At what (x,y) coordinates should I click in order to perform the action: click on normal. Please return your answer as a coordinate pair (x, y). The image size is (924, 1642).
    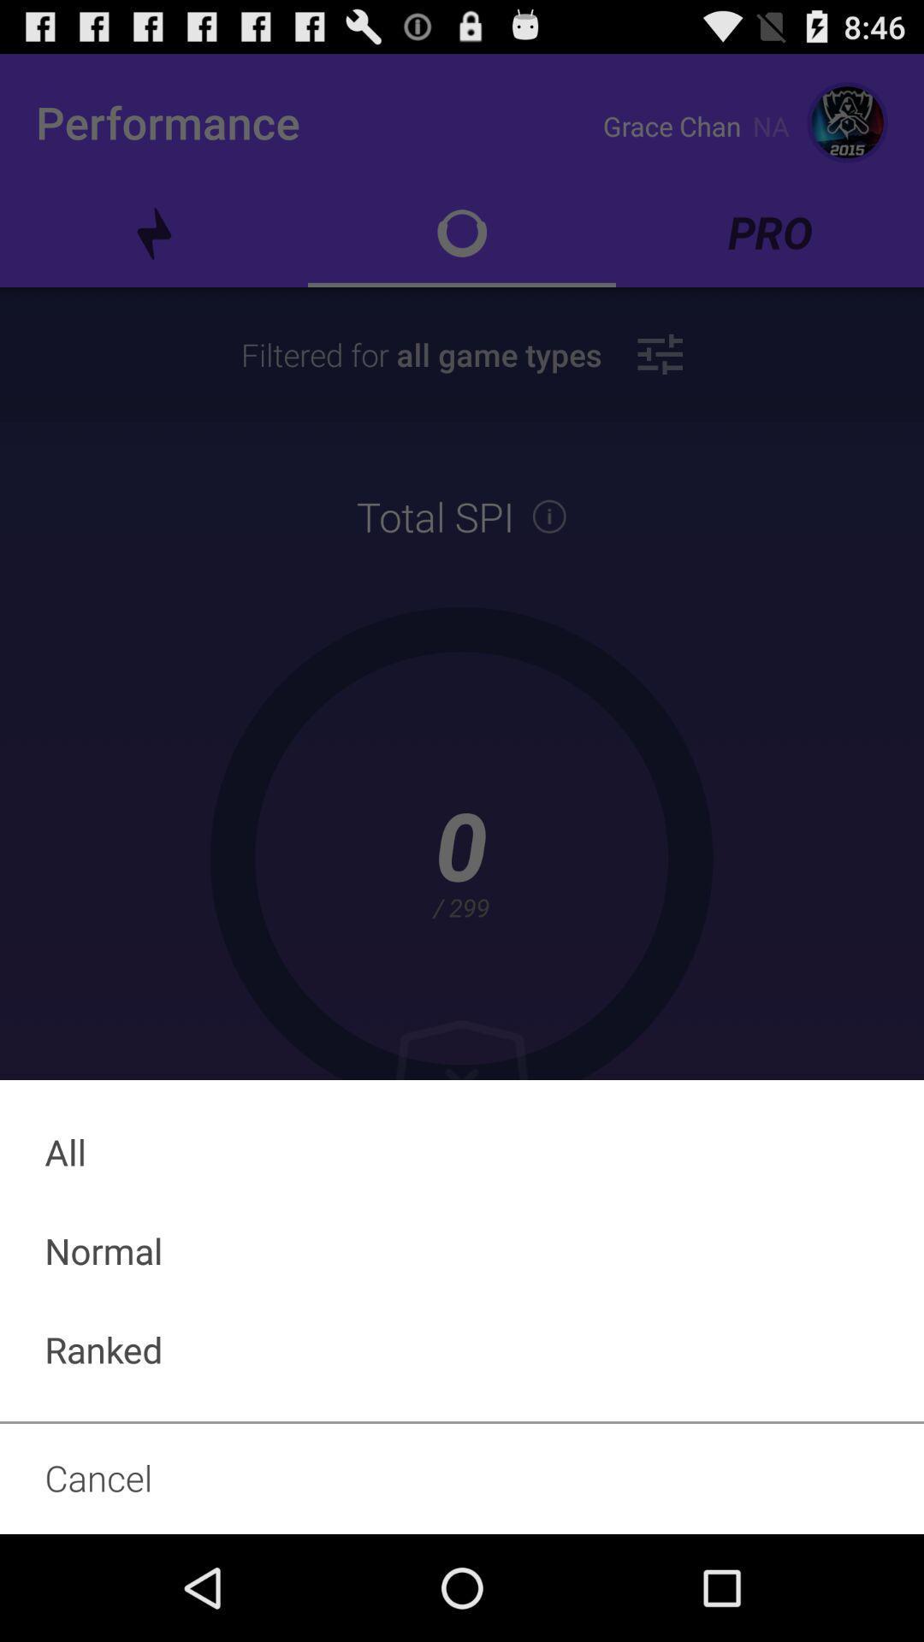
    Looking at the image, I should click on (462, 1250).